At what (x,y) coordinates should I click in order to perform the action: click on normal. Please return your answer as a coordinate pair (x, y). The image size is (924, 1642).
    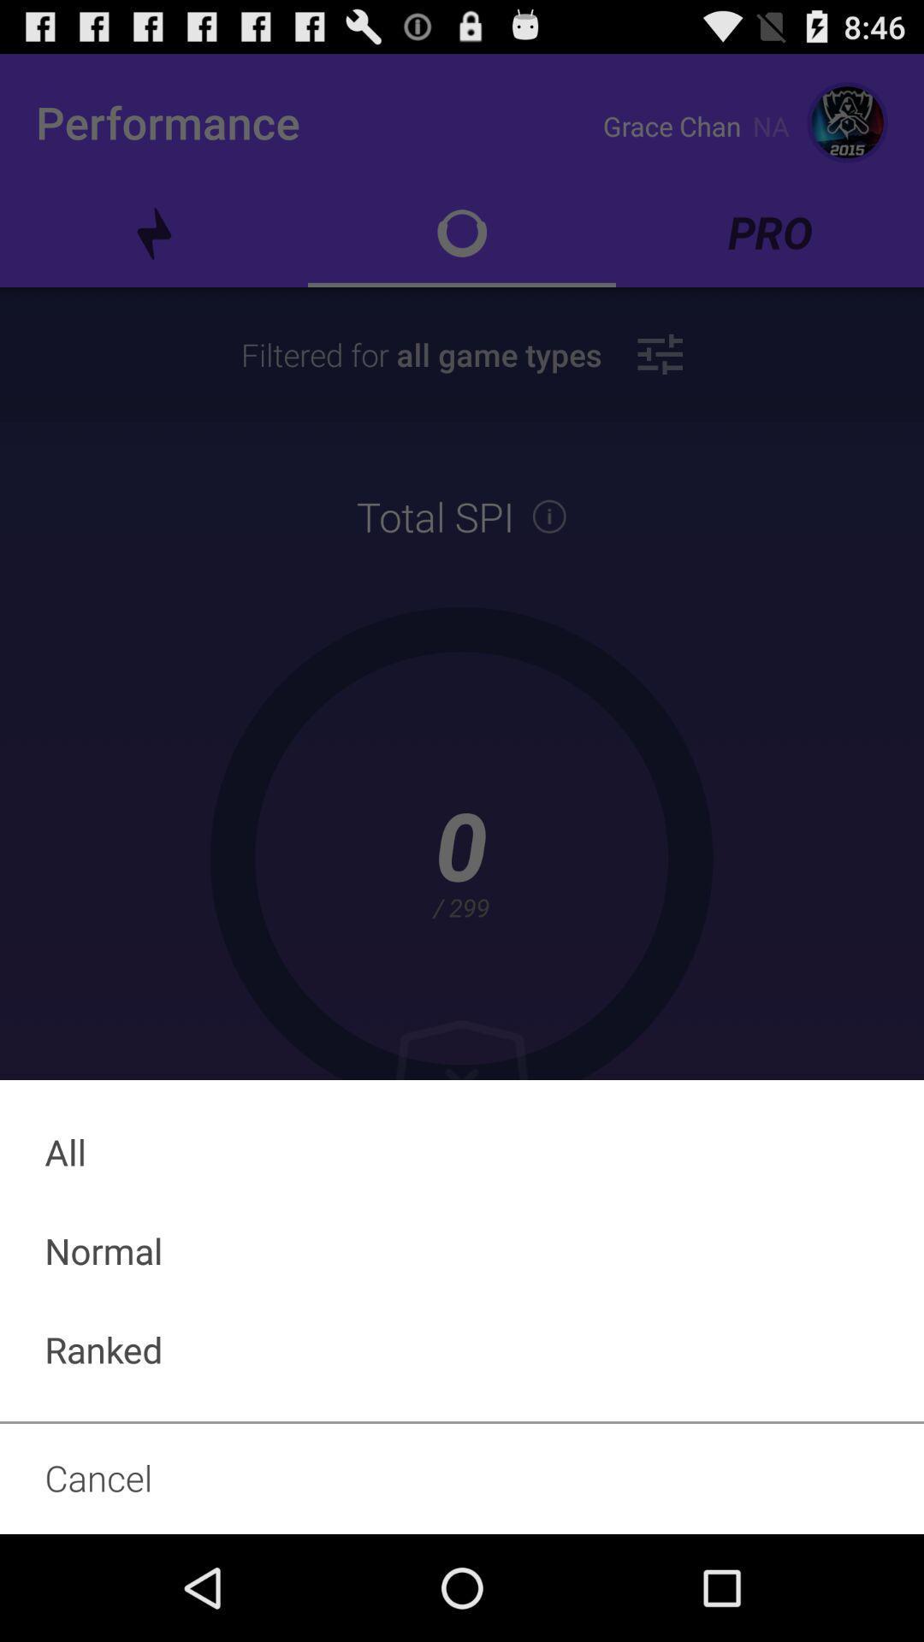
    Looking at the image, I should click on (462, 1250).